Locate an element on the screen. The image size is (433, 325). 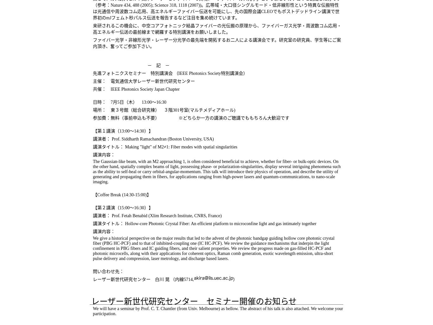
'講演タイトル： Making "light" of M2≠1: Fiber modes with spatial singularities' is located at coordinates (165, 146).